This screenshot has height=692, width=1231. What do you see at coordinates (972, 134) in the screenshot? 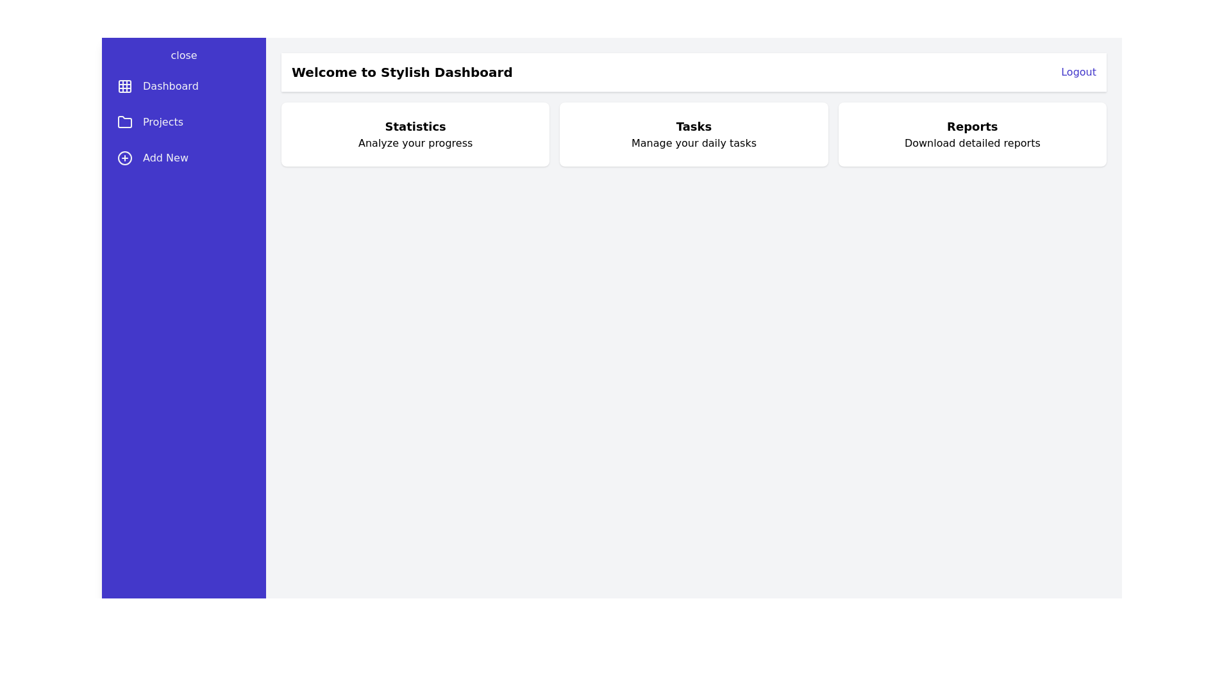
I see `the 'Reports' informational card located in the top-right corner of the content area, which features a bold title and subtext, if it is interactive` at bounding box center [972, 134].